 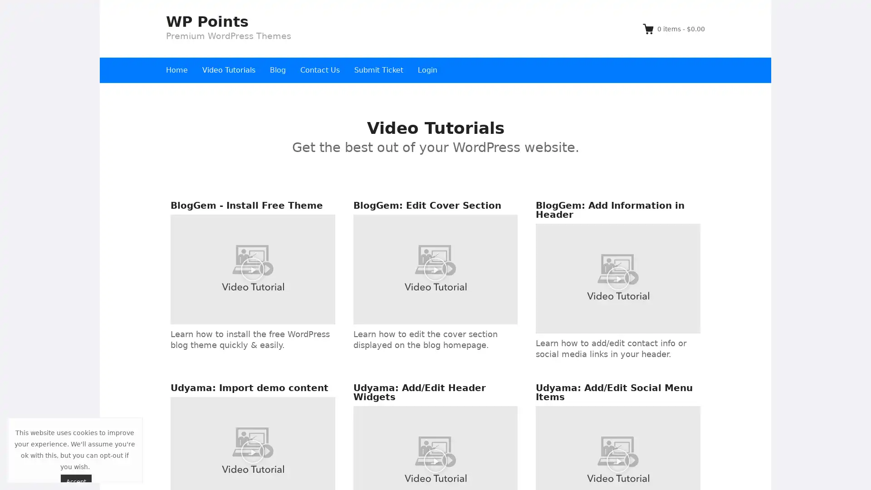 What do you see at coordinates (617, 278) in the screenshot?
I see `Play Video` at bounding box center [617, 278].